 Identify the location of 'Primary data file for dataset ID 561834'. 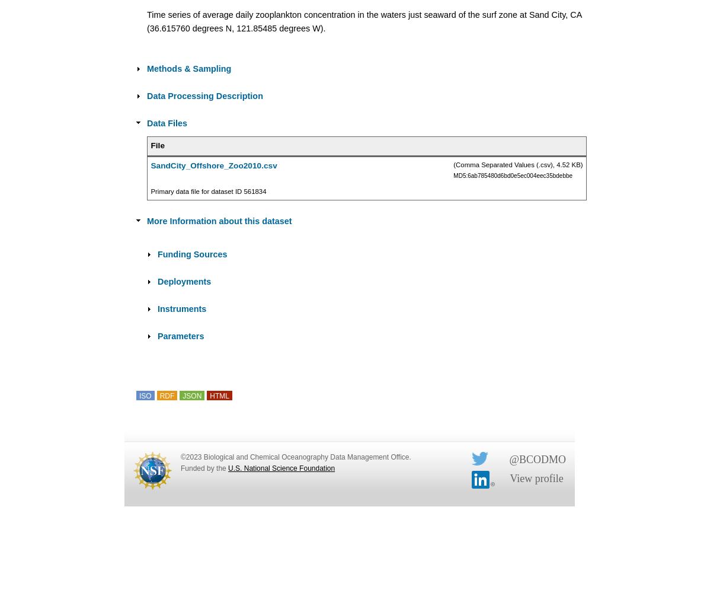
(208, 190).